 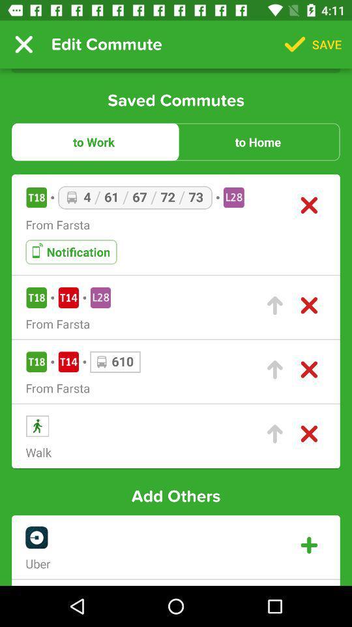 What do you see at coordinates (308, 205) in the screenshot?
I see `remove item` at bounding box center [308, 205].